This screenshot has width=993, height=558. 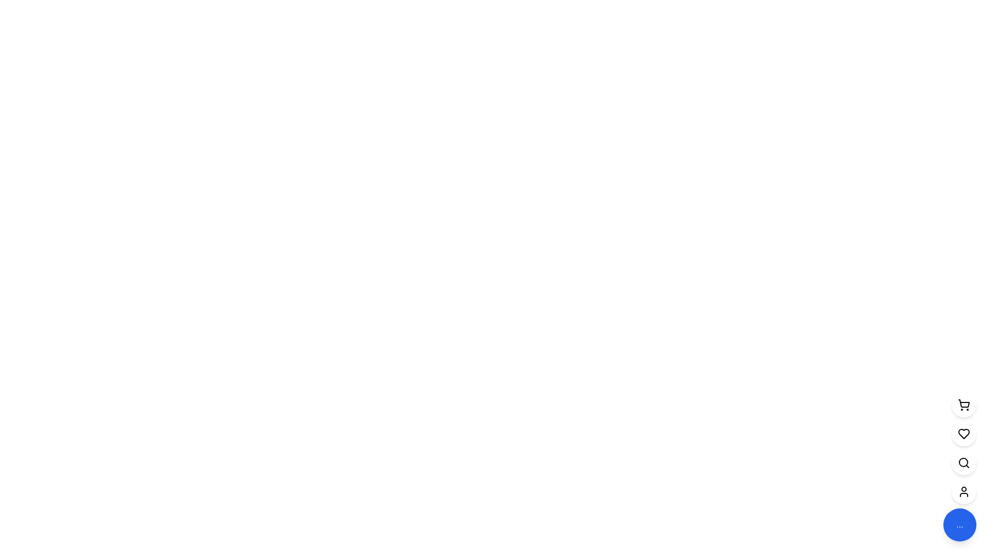 I want to click on the user icon, which is a minimalistic person silhouette within a circular button on the vertical navigation bar, so click(x=963, y=491).